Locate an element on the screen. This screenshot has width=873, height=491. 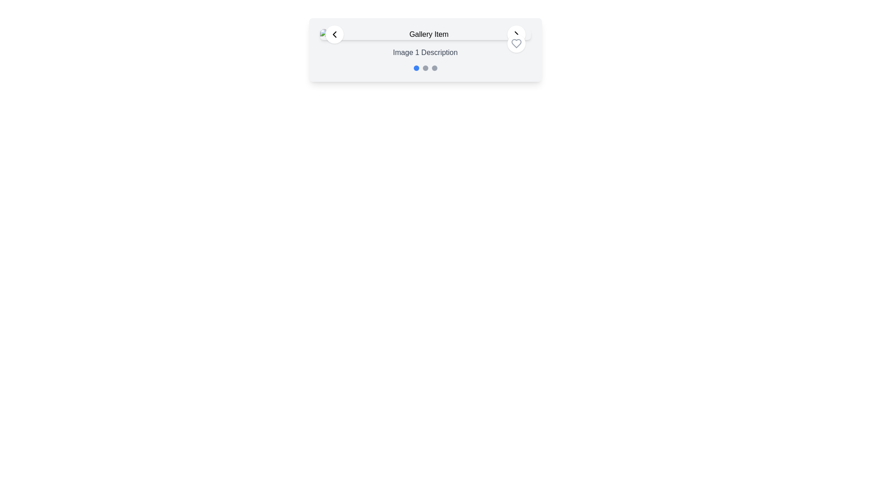
the heart-shaped icon button with a gray stroke outline located in the top-right corner of the horizontal bar is located at coordinates (516, 44).